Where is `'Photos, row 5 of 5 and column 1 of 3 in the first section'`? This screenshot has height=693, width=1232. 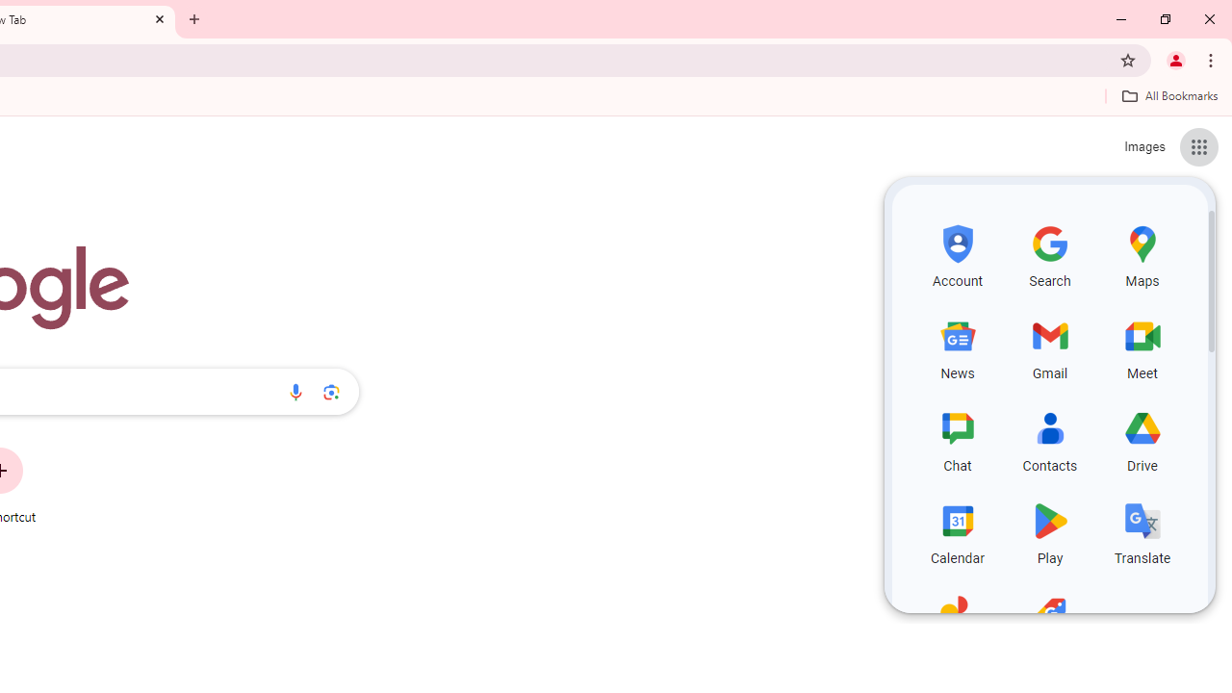
'Photos, row 5 of 5 and column 1 of 3 in the first section' is located at coordinates (958, 624).